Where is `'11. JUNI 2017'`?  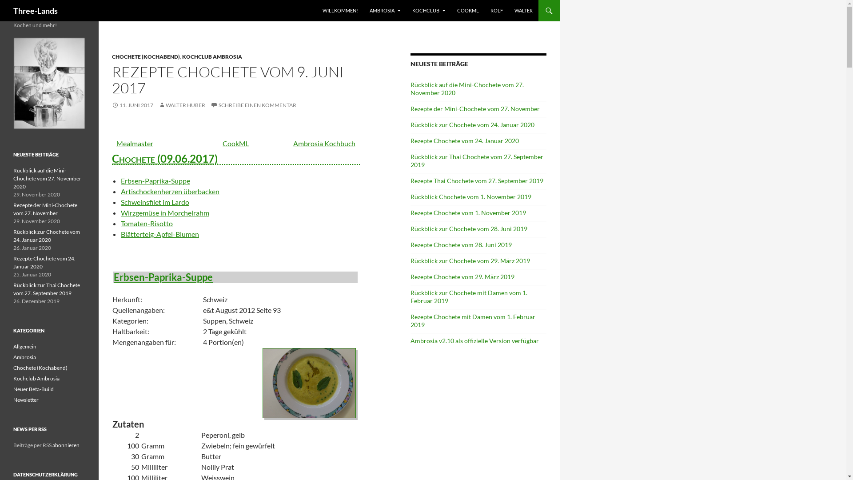
'11. JUNI 2017' is located at coordinates (132, 104).